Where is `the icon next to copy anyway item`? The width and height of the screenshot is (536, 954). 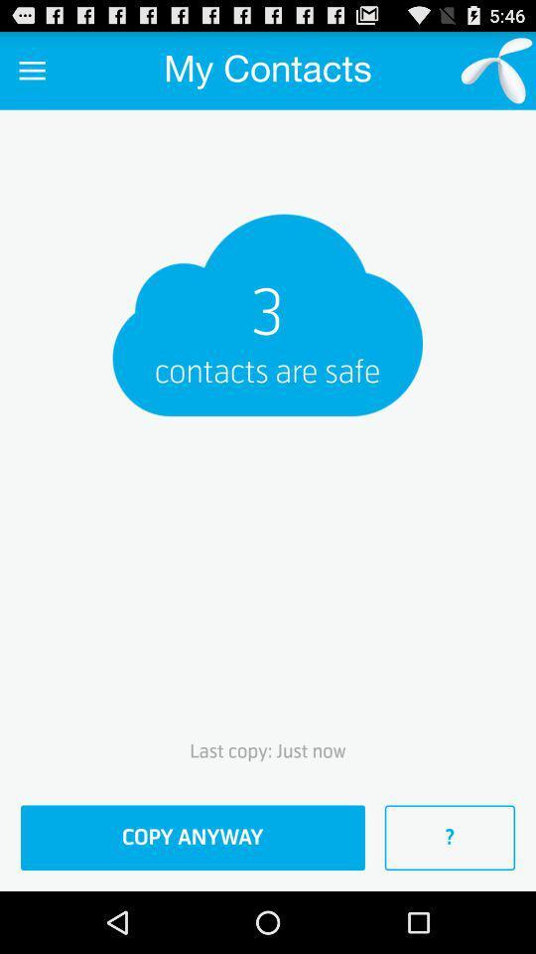
the icon next to copy anyway item is located at coordinates (450, 837).